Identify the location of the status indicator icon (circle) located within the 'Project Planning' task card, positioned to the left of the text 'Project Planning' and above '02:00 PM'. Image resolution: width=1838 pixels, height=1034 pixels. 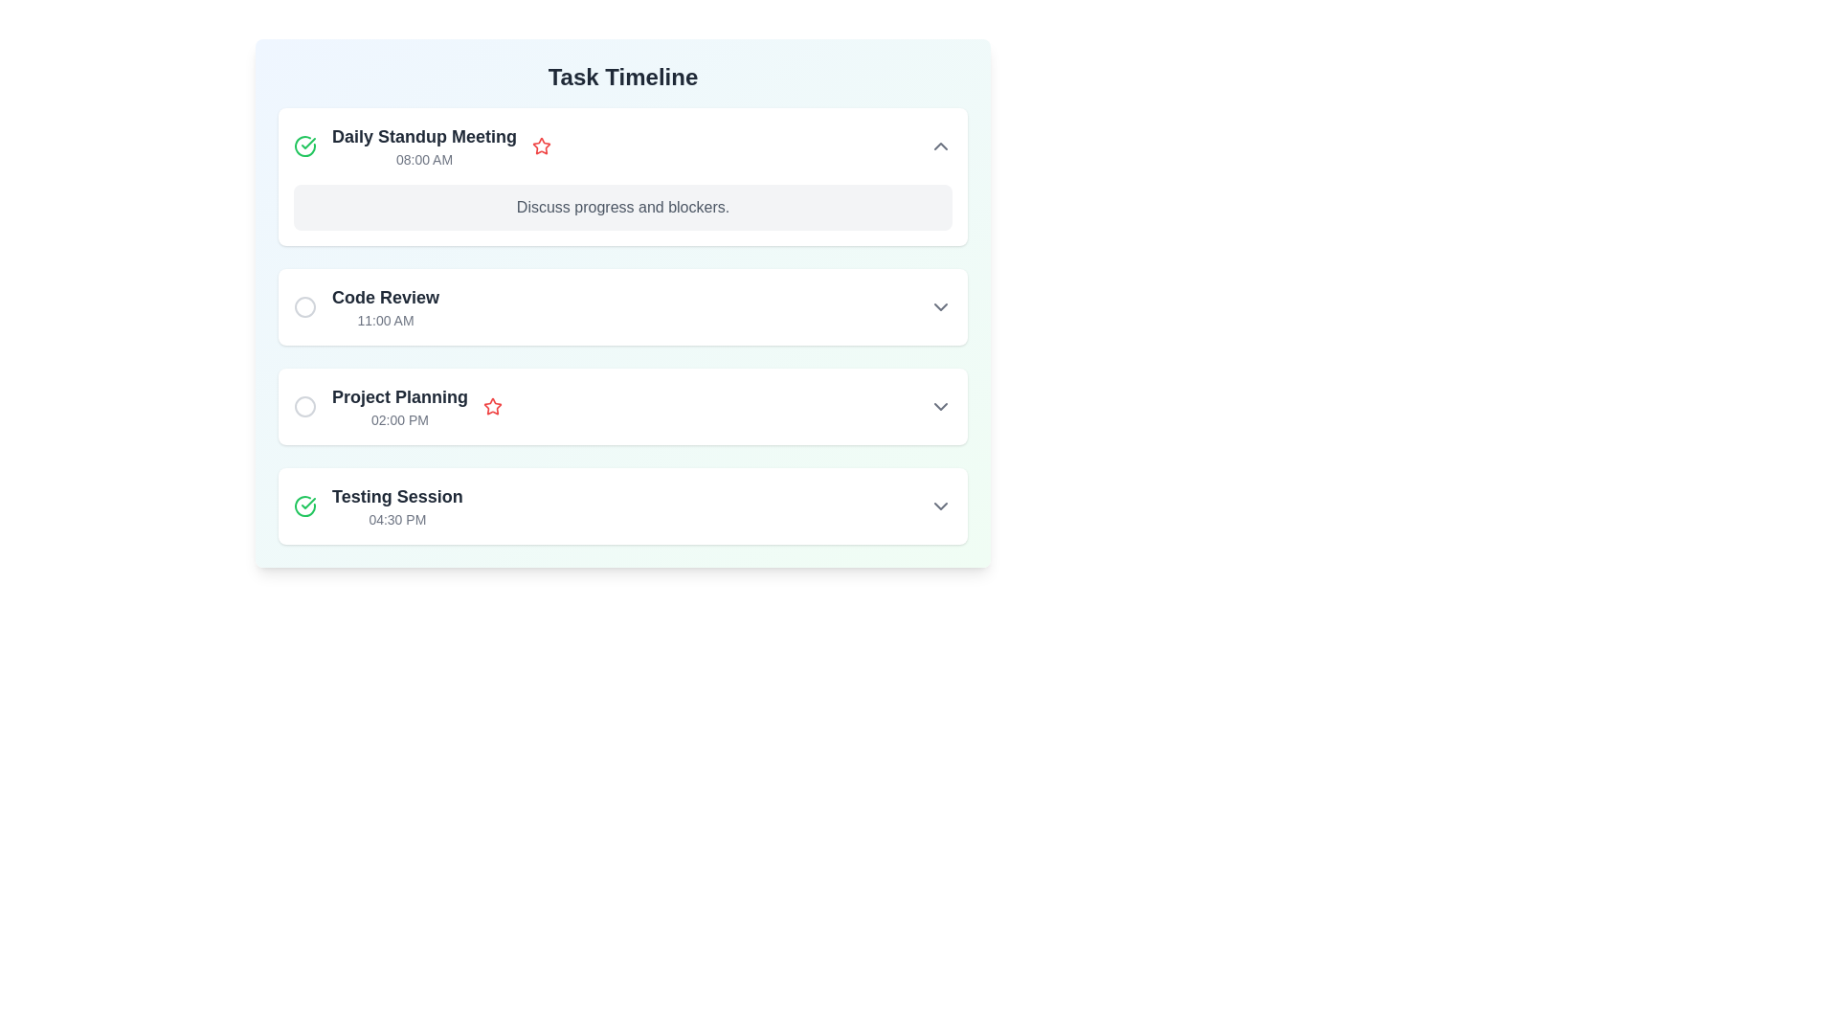
(303, 405).